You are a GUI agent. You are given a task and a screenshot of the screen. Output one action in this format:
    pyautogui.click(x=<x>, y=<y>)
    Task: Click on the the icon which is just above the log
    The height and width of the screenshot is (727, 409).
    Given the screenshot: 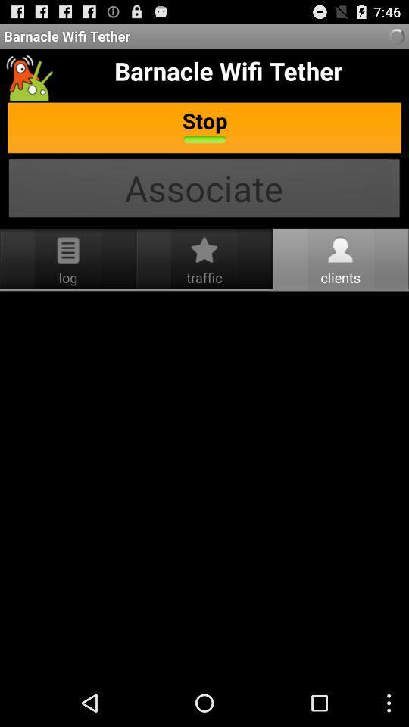 What is the action you would take?
    pyautogui.click(x=67, y=250)
    